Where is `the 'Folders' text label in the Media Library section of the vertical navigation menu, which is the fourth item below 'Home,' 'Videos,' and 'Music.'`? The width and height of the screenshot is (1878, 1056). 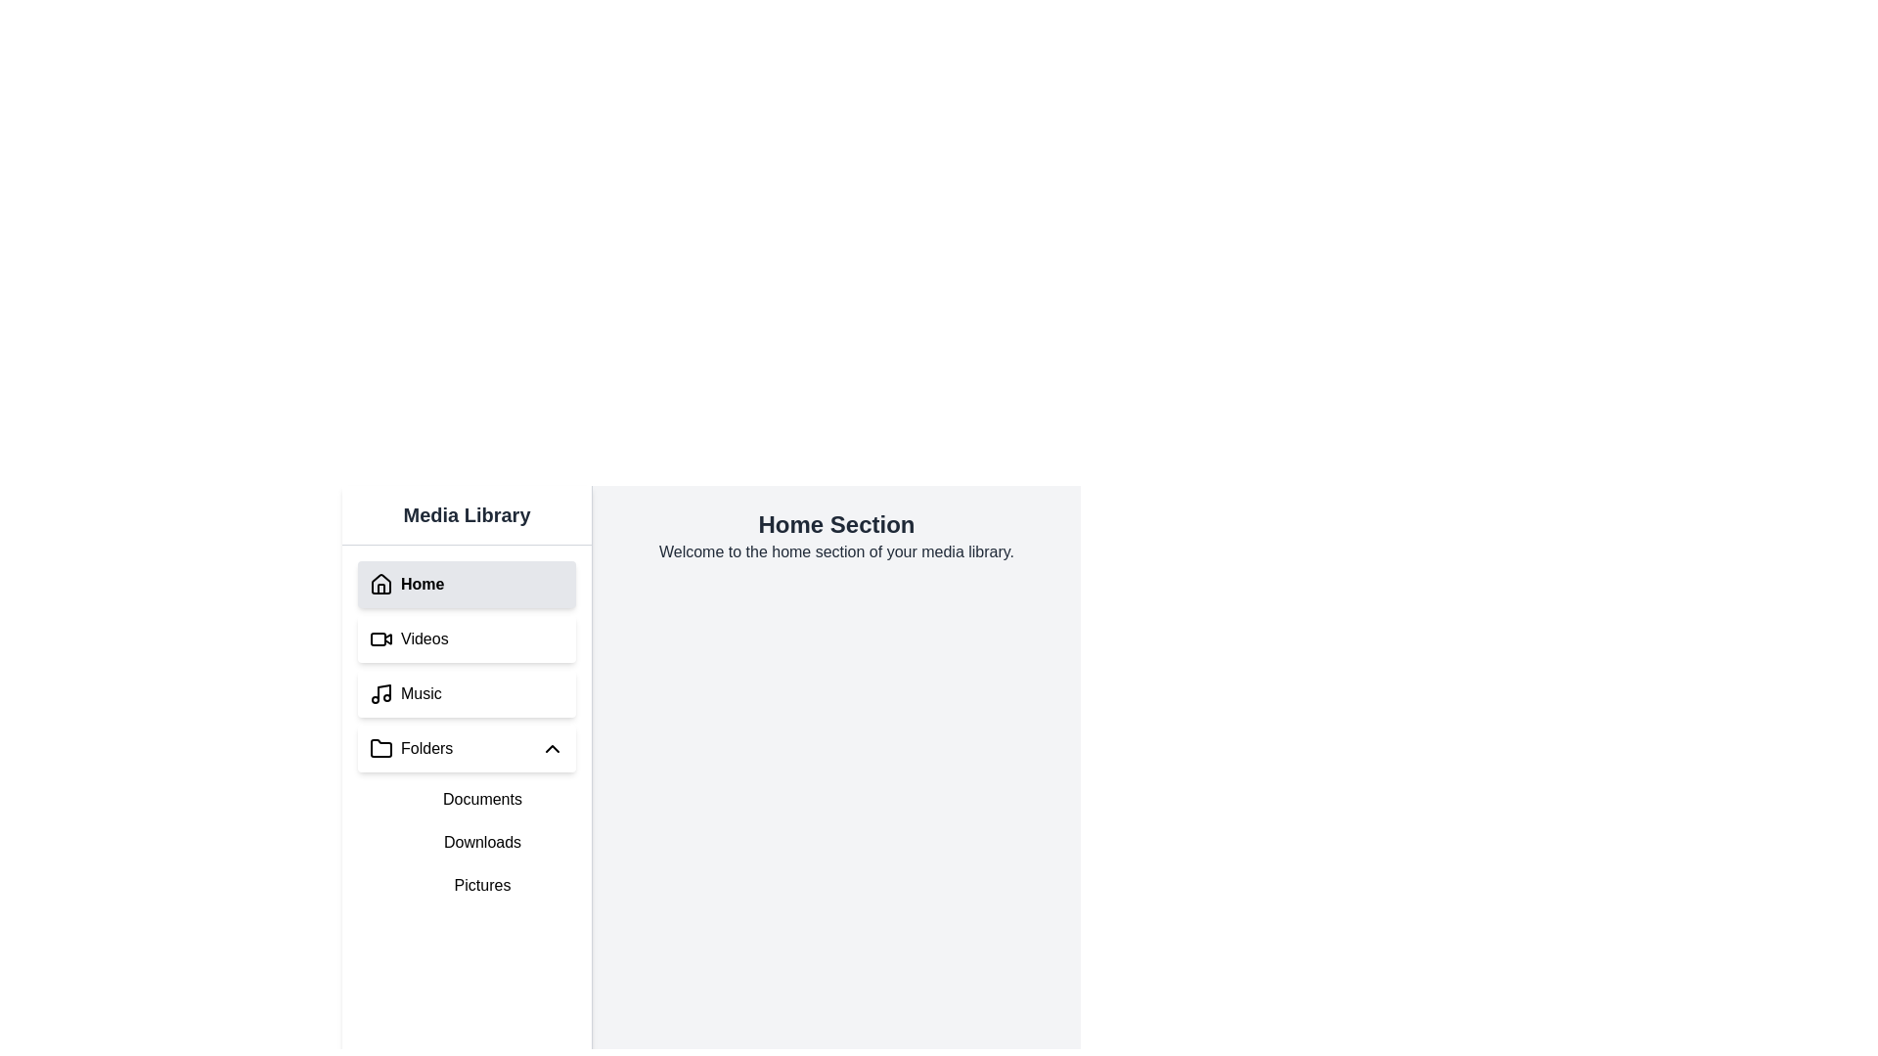 the 'Folders' text label in the Media Library section of the vertical navigation menu, which is the fourth item below 'Home,' 'Videos,' and 'Music.' is located at coordinates (425, 748).